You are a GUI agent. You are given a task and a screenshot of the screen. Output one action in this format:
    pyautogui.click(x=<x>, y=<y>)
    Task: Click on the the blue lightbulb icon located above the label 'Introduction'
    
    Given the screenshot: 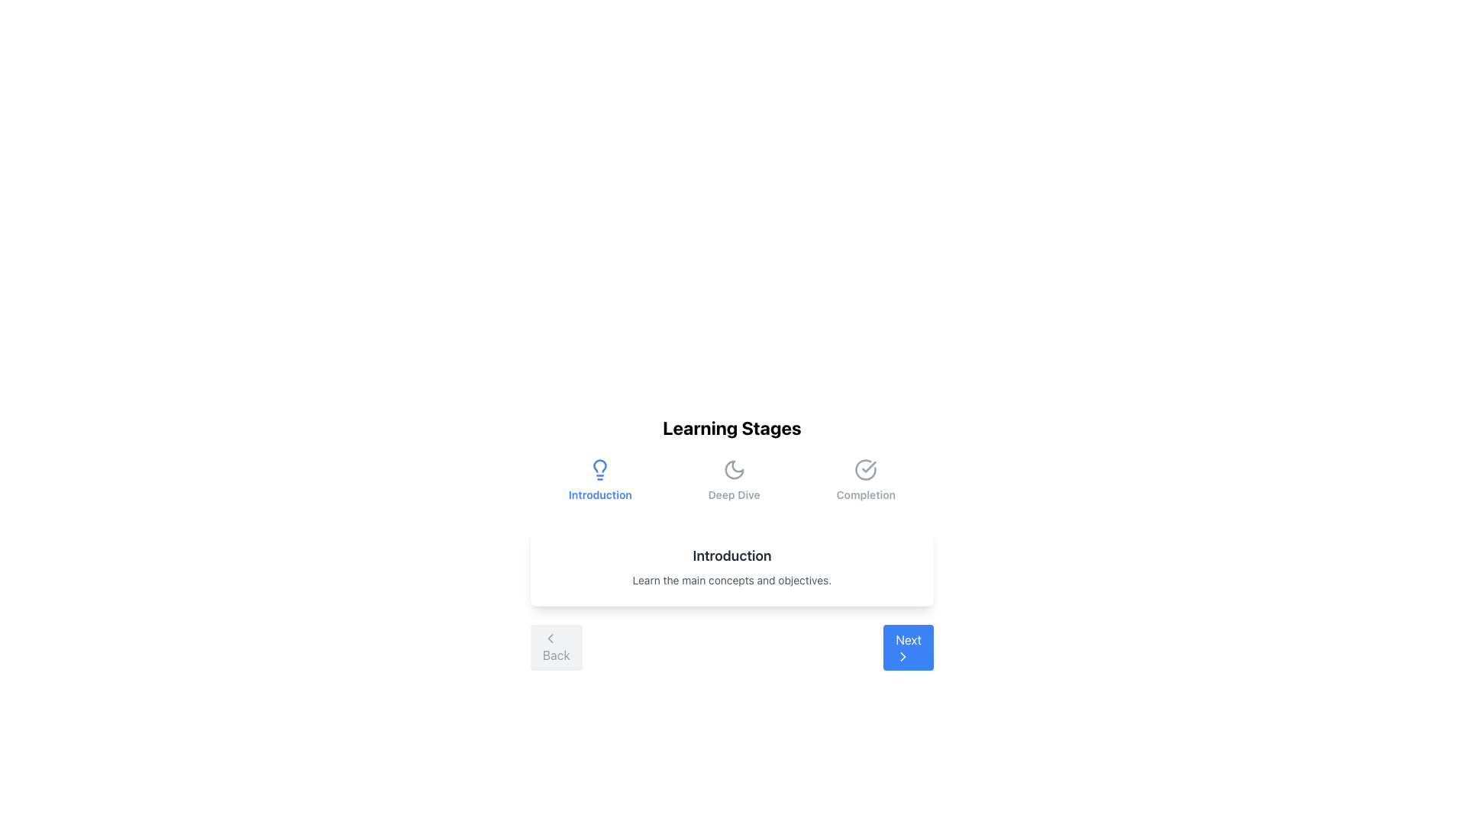 What is the action you would take?
    pyautogui.click(x=599, y=469)
    